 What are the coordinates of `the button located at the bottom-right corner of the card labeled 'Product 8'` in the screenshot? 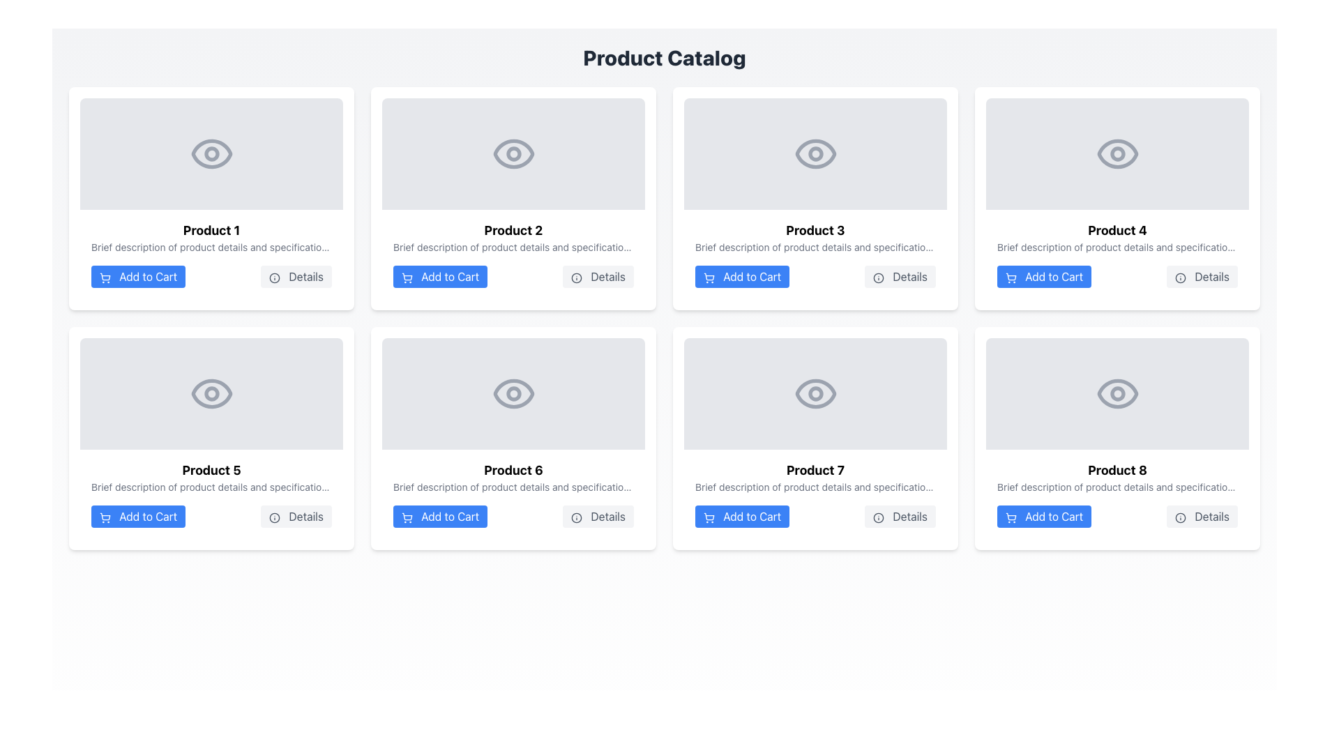 It's located at (1202, 516).